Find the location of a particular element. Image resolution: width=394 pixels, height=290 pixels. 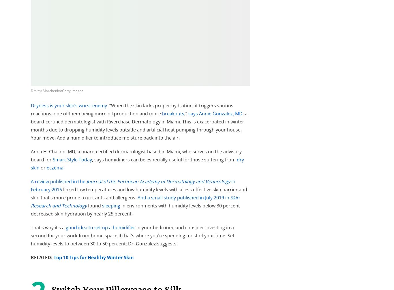

'eczema' is located at coordinates (55, 168).